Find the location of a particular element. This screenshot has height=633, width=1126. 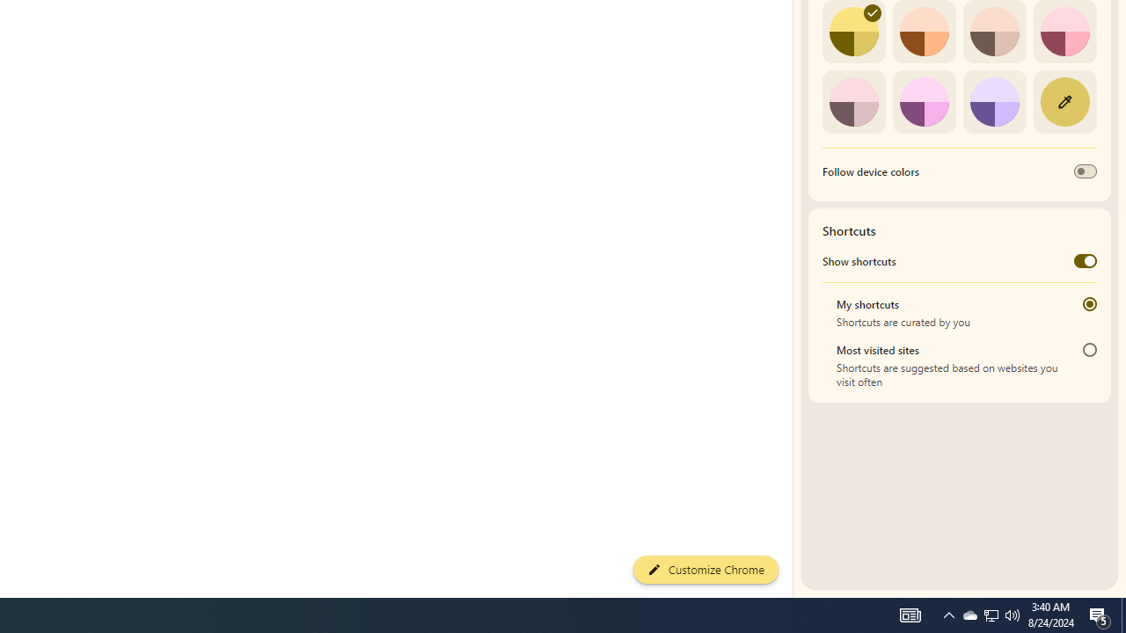

'Violet' is located at coordinates (994, 101).